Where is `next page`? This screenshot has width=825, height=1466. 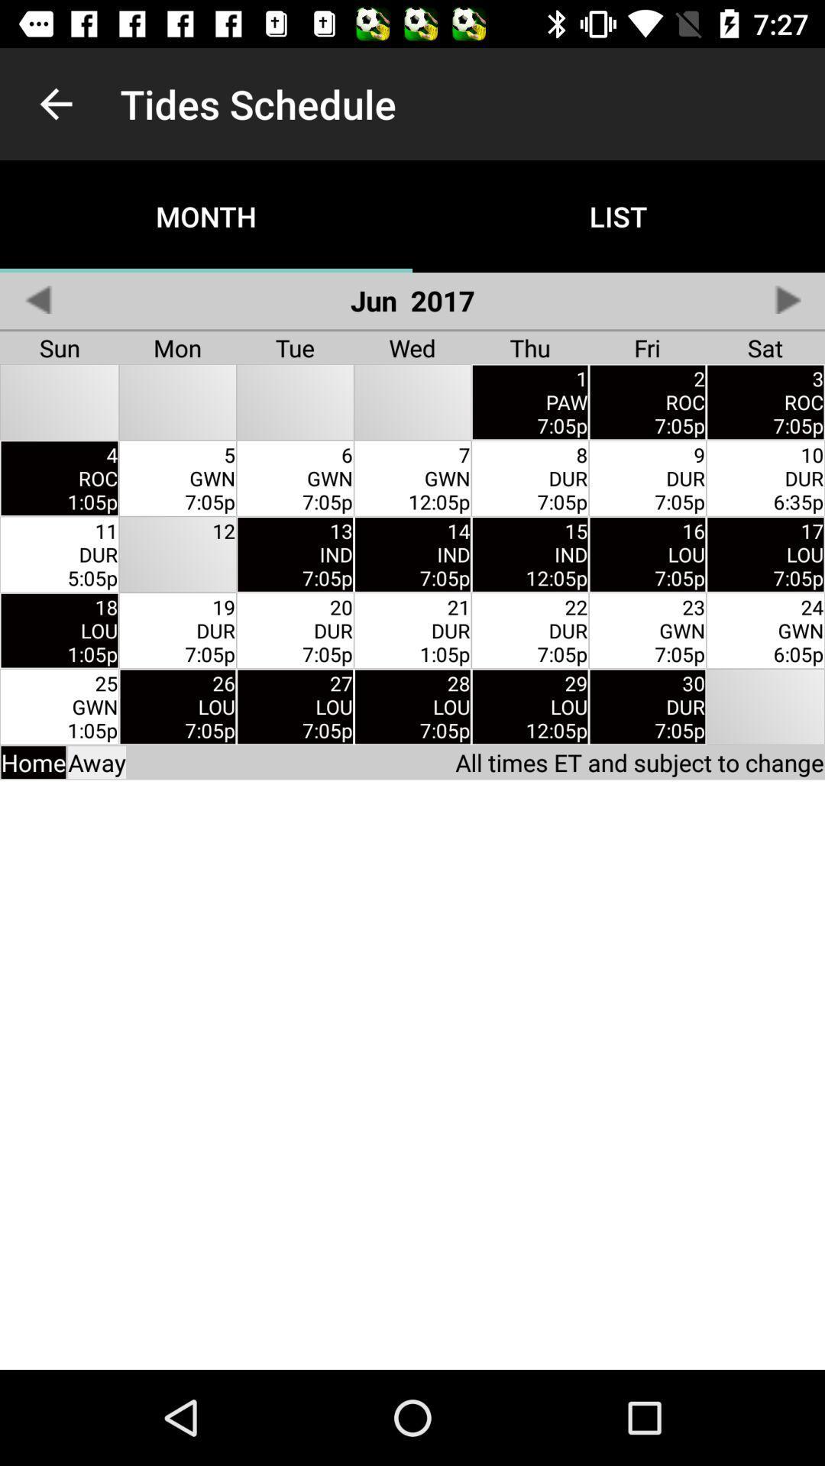
next page is located at coordinates (787, 299).